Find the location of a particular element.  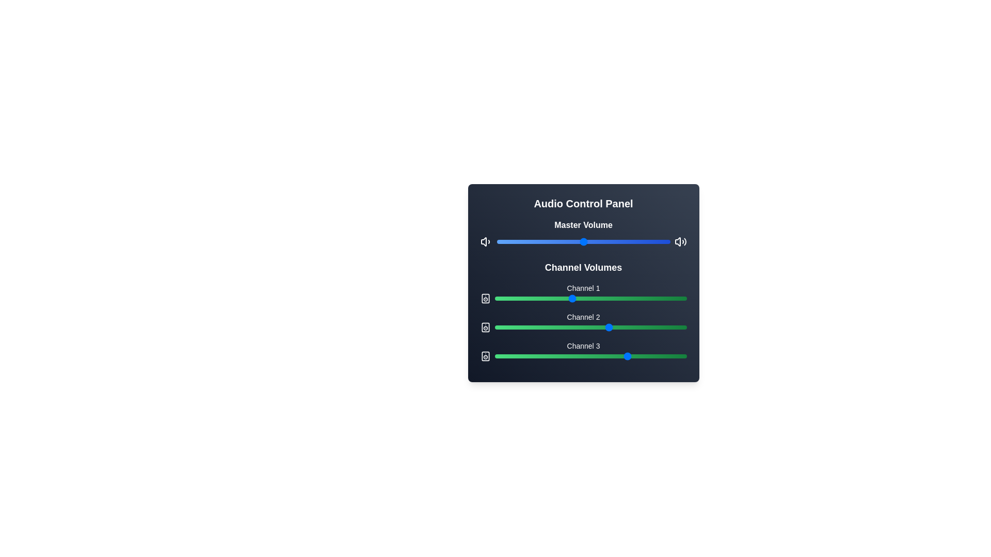

the Label that serves as a heading for individual channel volume controls, located centrally below the Master Volume section is located at coordinates (583, 267).